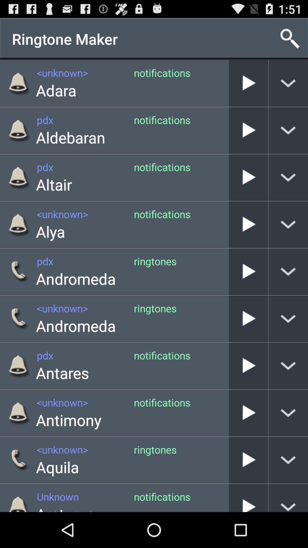 The image size is (308, 548). I want to click on item to the left of notifications icon, so click(56, 90).